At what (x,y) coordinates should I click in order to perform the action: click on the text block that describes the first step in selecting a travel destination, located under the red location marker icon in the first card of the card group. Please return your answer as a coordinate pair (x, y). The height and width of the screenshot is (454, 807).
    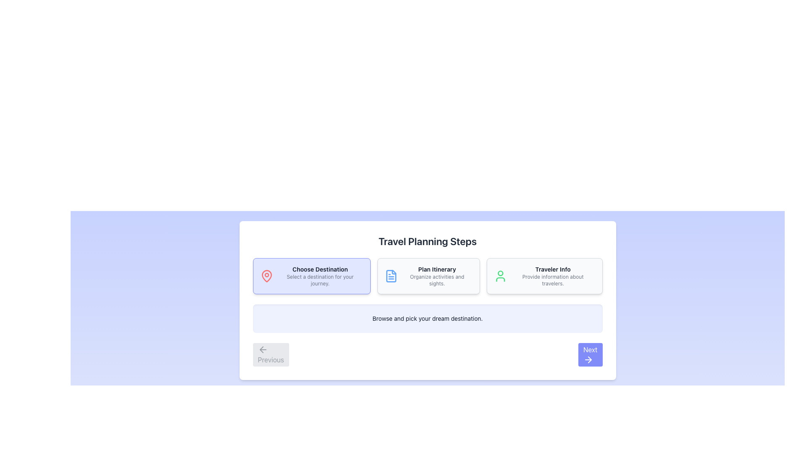
    Looking at the image, I should click on (319, 276).